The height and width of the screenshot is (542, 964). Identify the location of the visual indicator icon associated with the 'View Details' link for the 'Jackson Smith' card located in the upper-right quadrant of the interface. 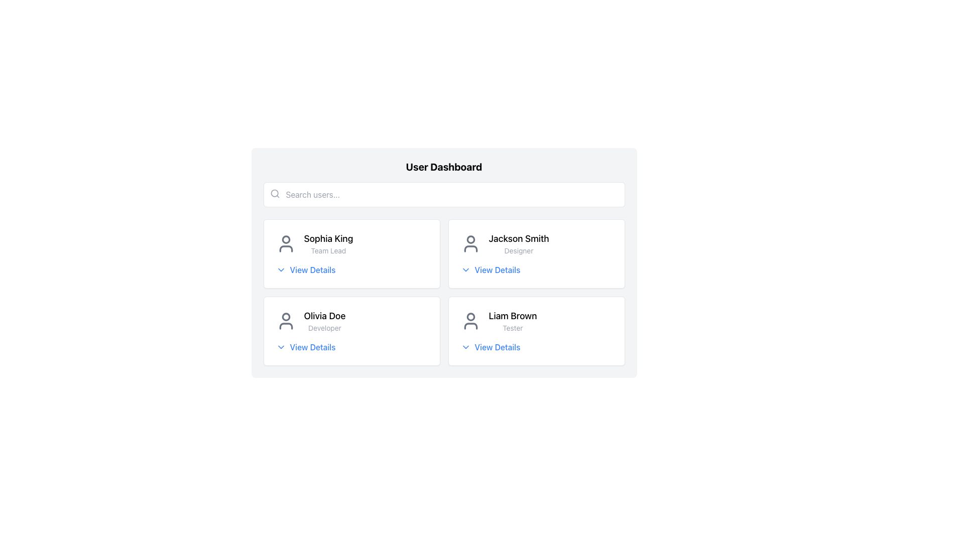
(465, 269).